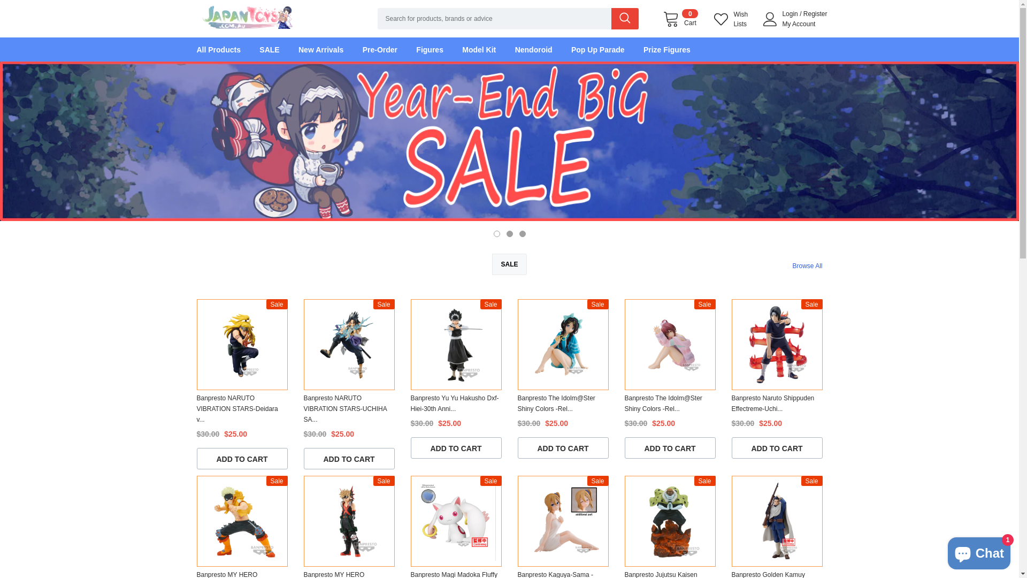 This screenshot has height=578, width=1027. What do you see at coordinates (807, 265) in the screenshot?
I see `'Browse All'` at bounding box center [807, 265].